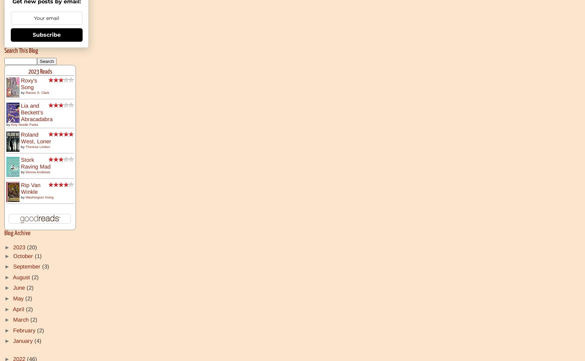 The height and width of the screenshot is (361, 585). Describe the element at coordinates (17, 233) in the screenshot. I see `'Blog Archive'` at that location.